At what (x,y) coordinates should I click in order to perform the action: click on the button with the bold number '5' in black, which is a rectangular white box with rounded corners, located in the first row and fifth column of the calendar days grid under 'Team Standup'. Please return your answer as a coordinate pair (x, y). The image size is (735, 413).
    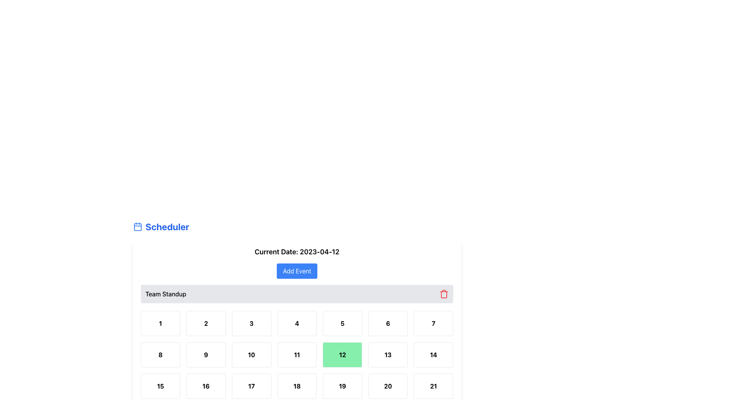
    Looking at the image, I should click on (342, 323).